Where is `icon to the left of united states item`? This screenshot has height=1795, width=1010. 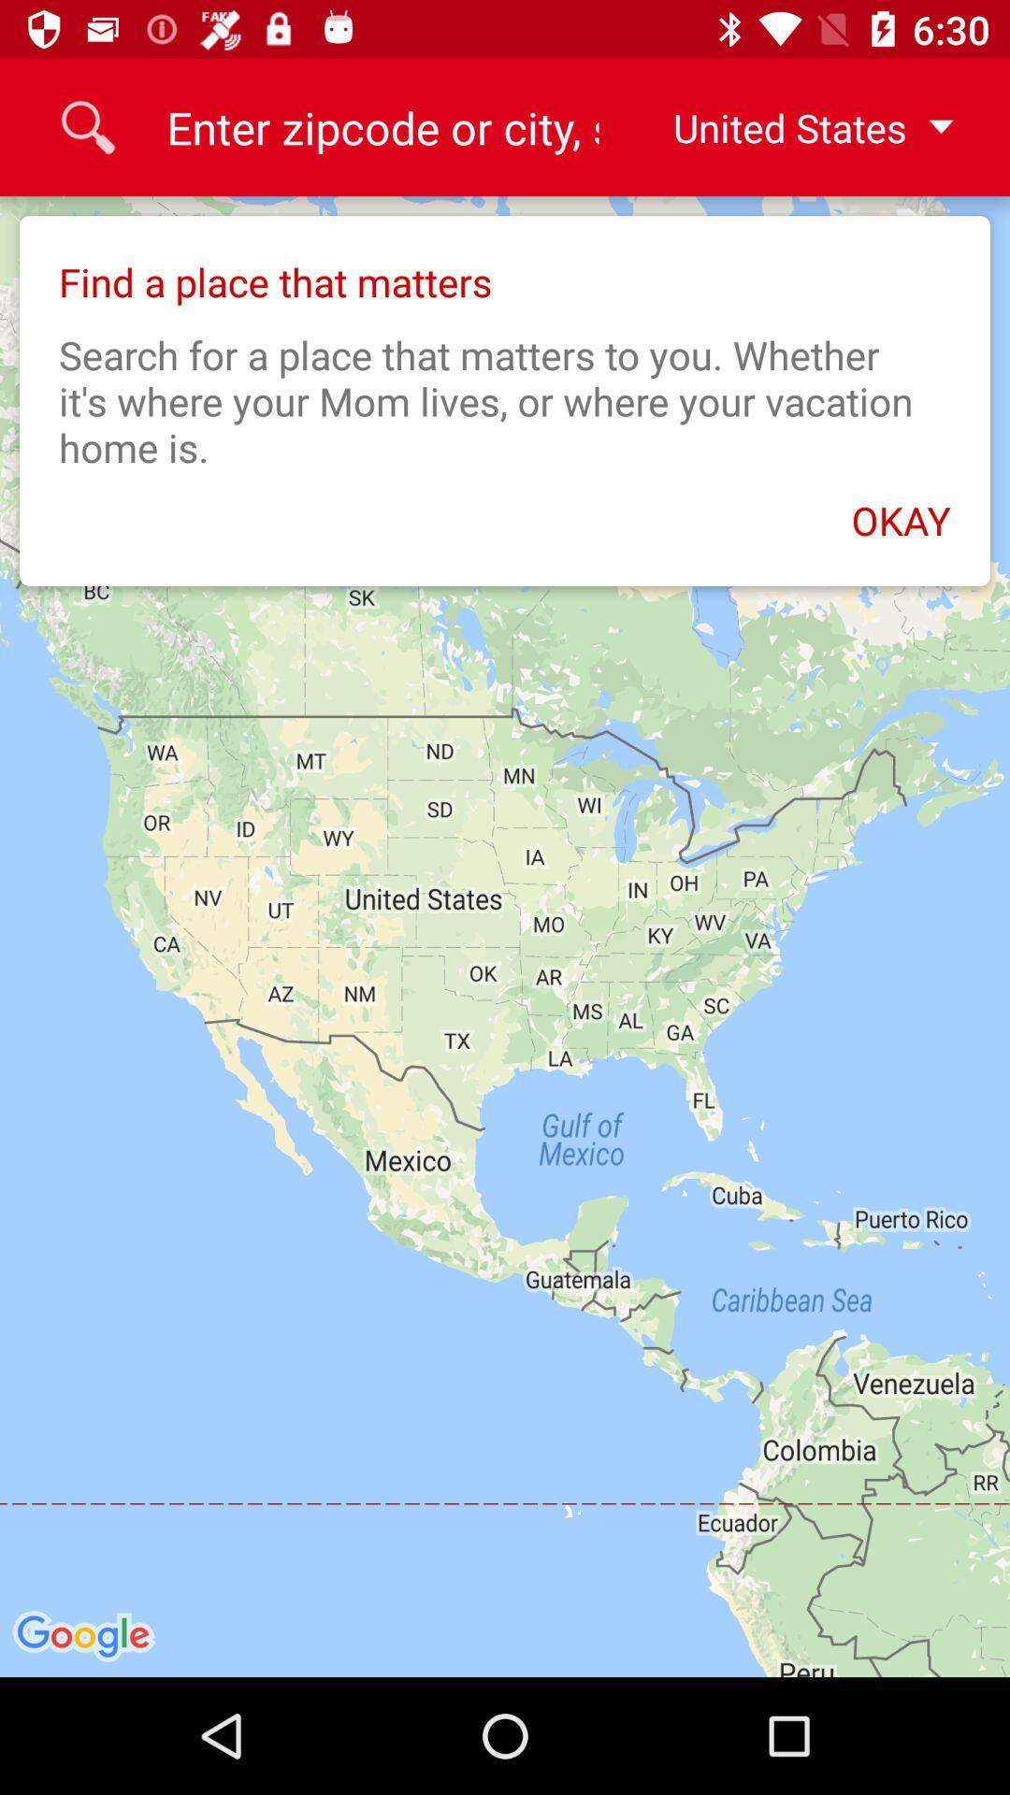 icon to the left of united states item is located at coordinates (381, 126).